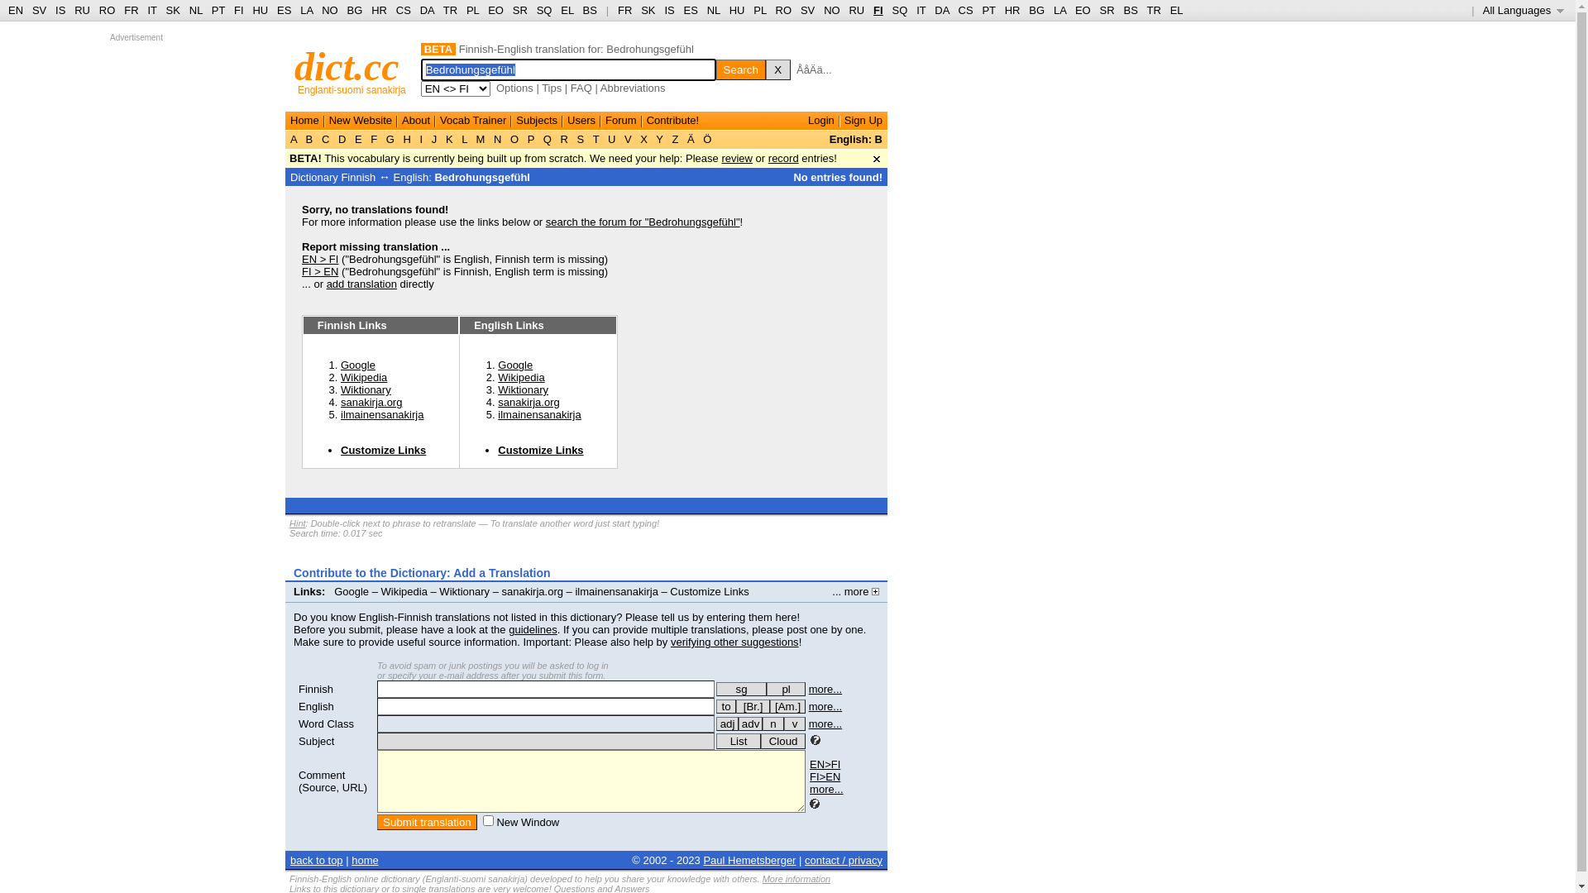 The height and width of the screenshot is (893, 1588). Describe the element at coordinates (749, 723) in the screenshot. I see `'adv'` at that location.